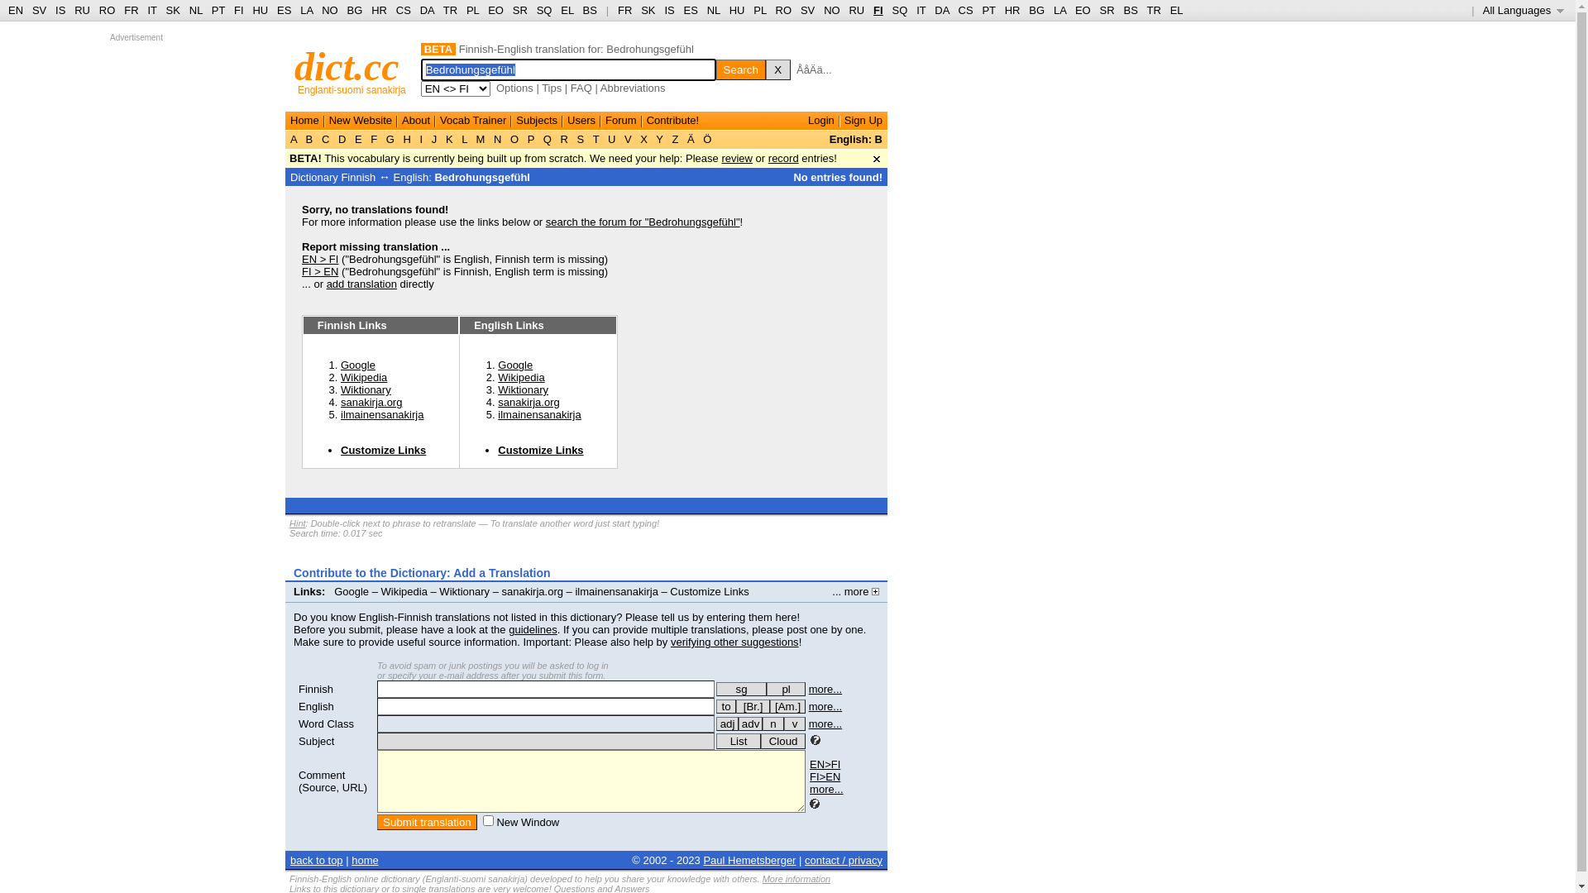 The height and width of the screenshot is (893, 1588). Describe the element at coordinates (749, 723) in the screenshot. I see `'adv'` at that location.